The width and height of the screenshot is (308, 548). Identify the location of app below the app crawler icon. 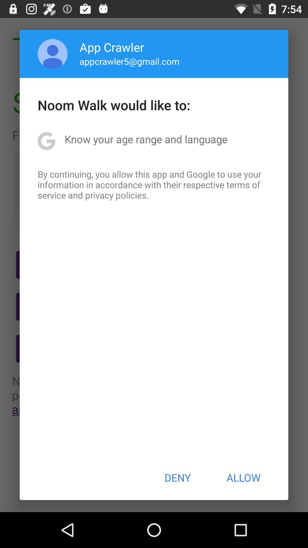
(129, 61).